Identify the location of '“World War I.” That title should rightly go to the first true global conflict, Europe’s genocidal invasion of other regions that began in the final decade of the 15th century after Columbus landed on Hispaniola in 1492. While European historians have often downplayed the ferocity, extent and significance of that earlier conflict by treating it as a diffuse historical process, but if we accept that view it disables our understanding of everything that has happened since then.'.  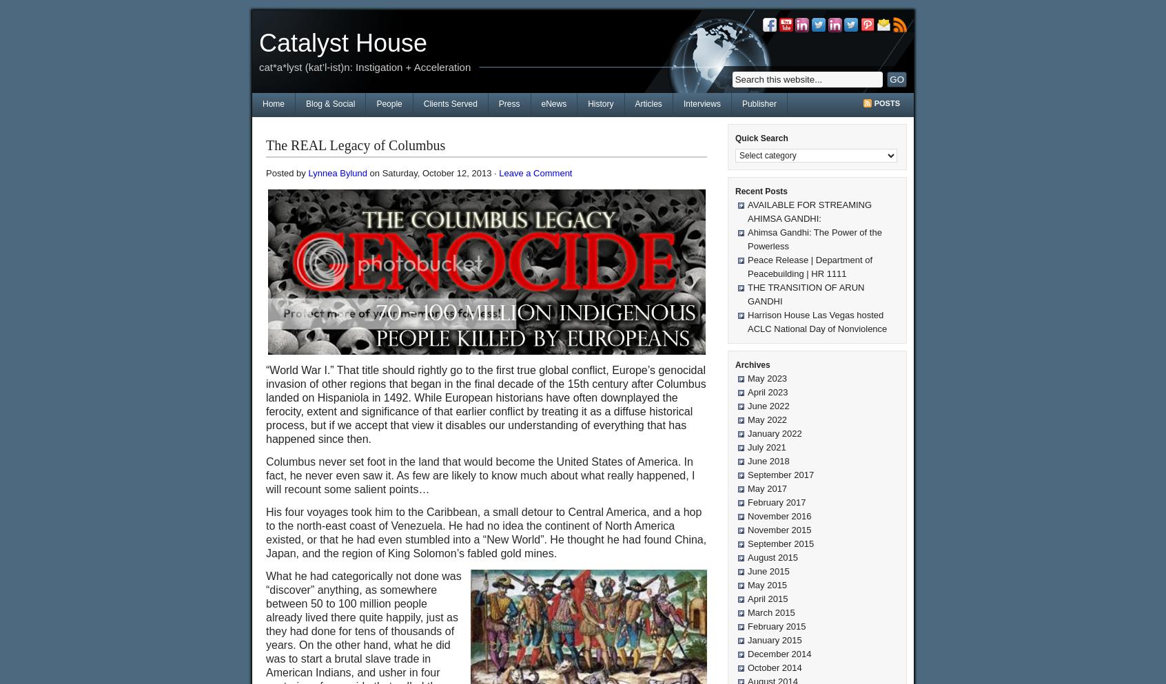
(486, 404).